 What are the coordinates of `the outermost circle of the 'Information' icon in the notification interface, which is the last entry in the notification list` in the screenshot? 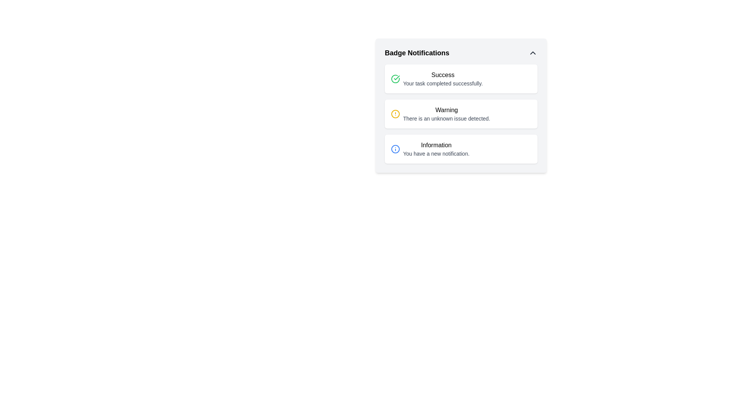 It's located at (396, 149).